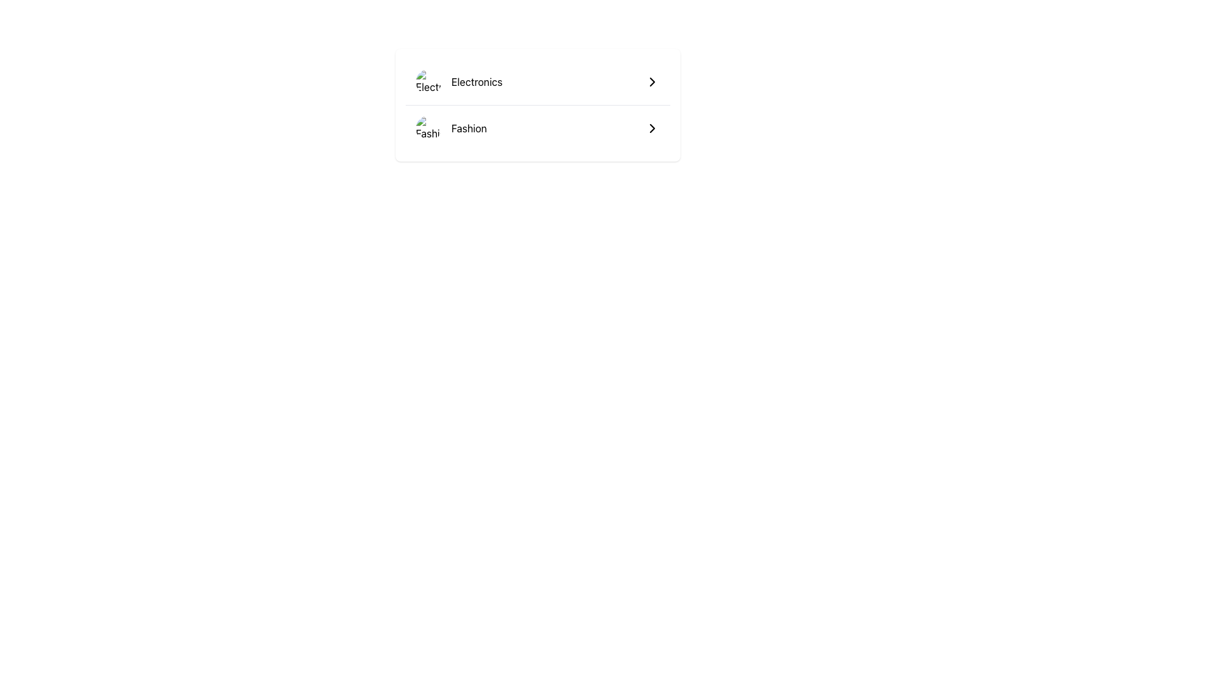 This screenshot has width=1221, height=687. What do you see at coordinates (476, 81) in the screenshot?
I see `text label indicating the electronics category, which is located to the right of an icon in a horizontal row below the header section` at bounding box center [476, 81].